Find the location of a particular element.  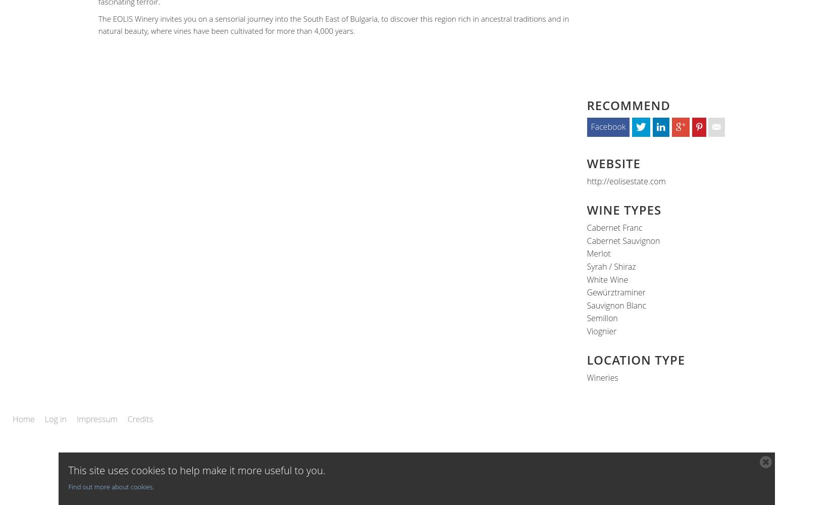

'Wineries' is located at coordinates (602, 377).